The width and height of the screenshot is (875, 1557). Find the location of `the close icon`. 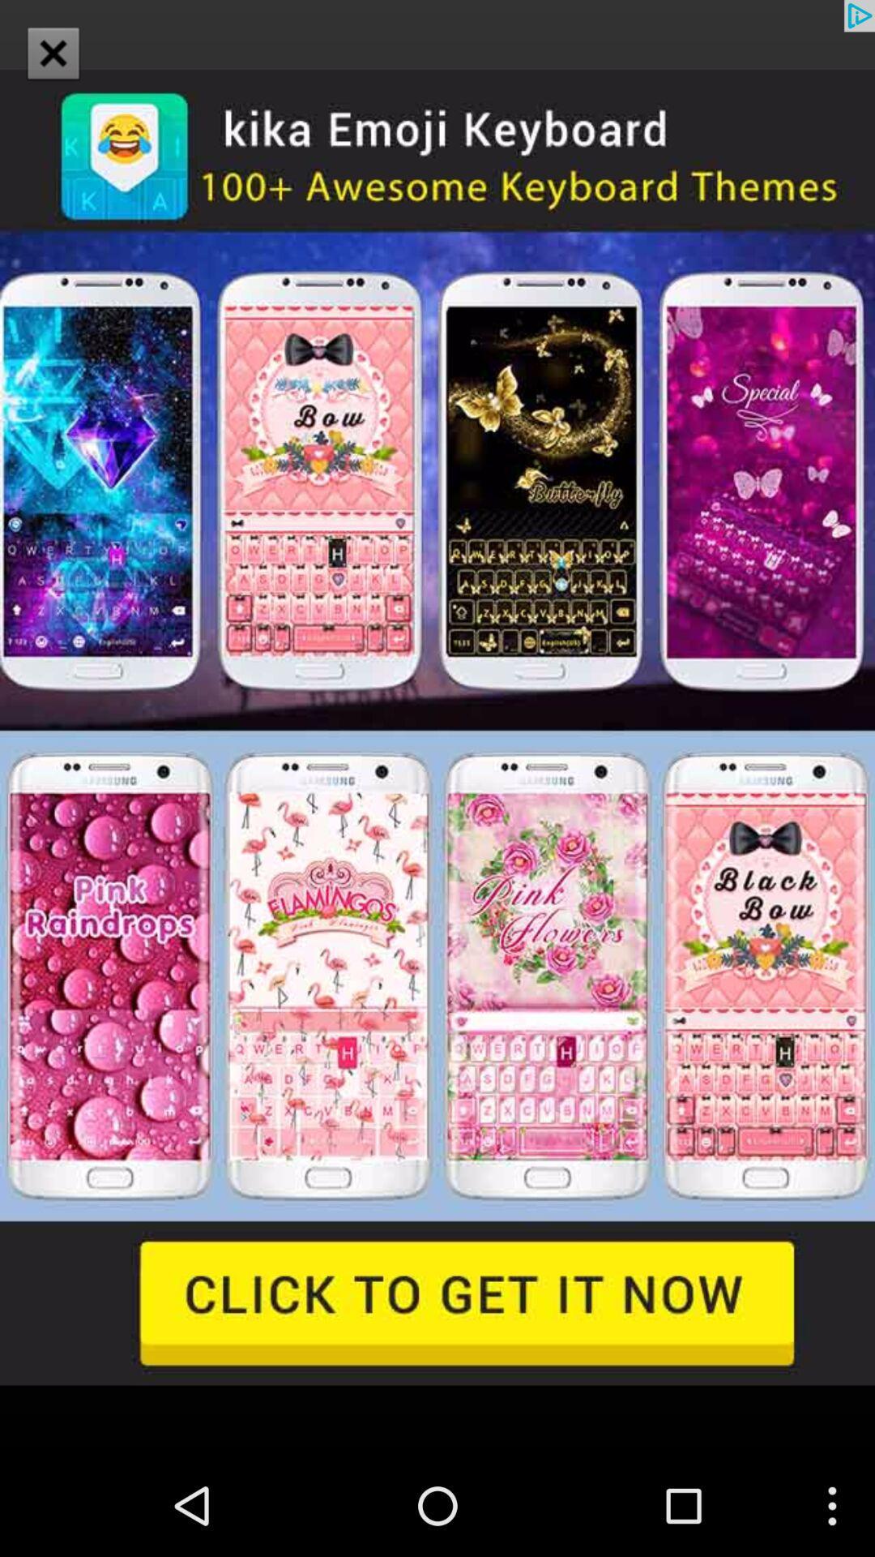

the close icon is located at coordinates (52, 57).